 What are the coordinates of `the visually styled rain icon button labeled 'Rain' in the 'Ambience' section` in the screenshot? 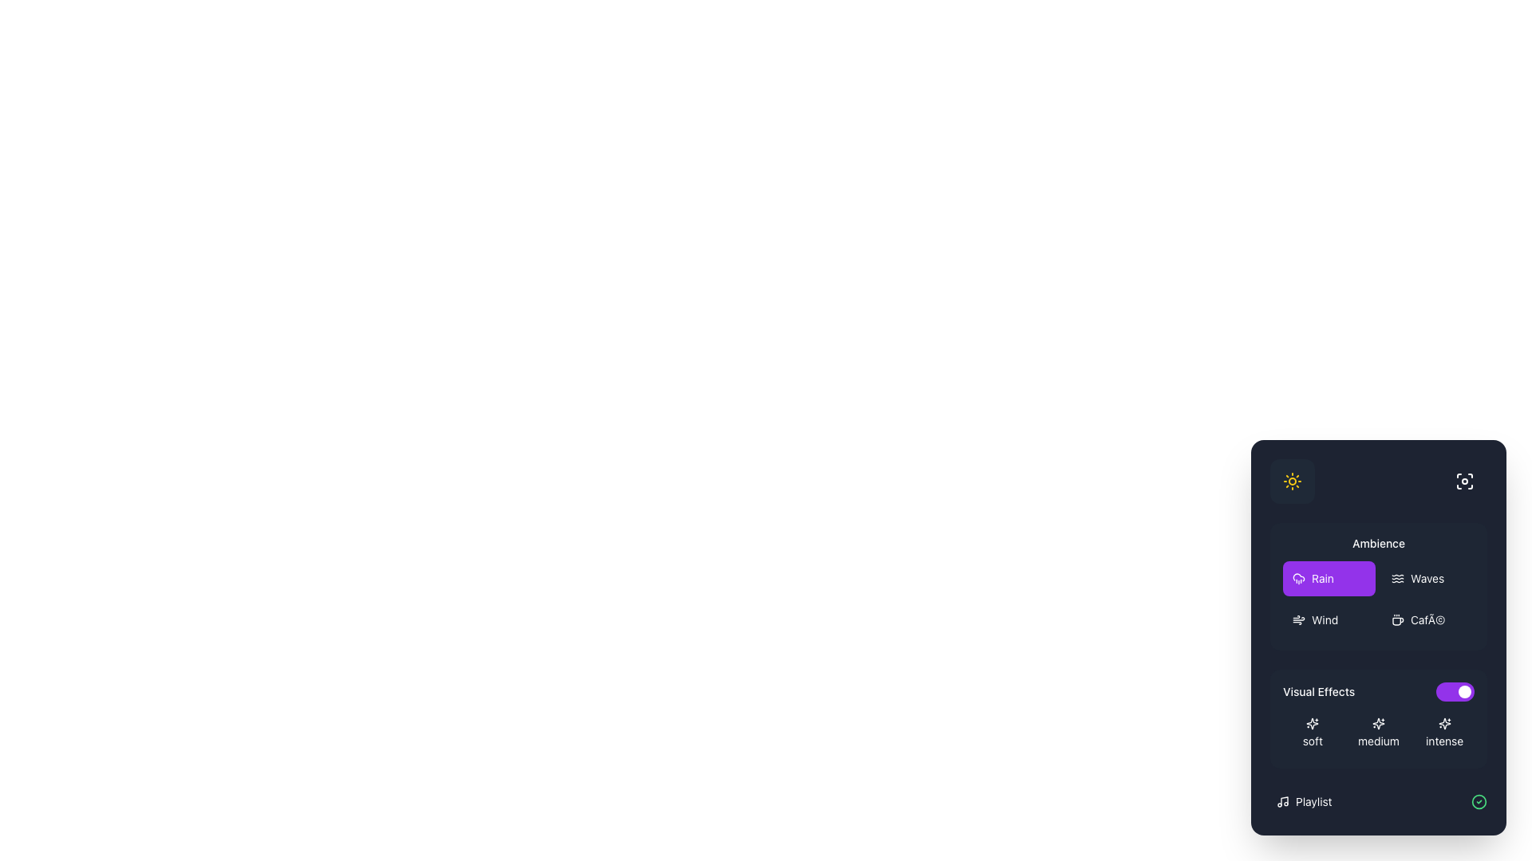 It's located at (1298, 577).